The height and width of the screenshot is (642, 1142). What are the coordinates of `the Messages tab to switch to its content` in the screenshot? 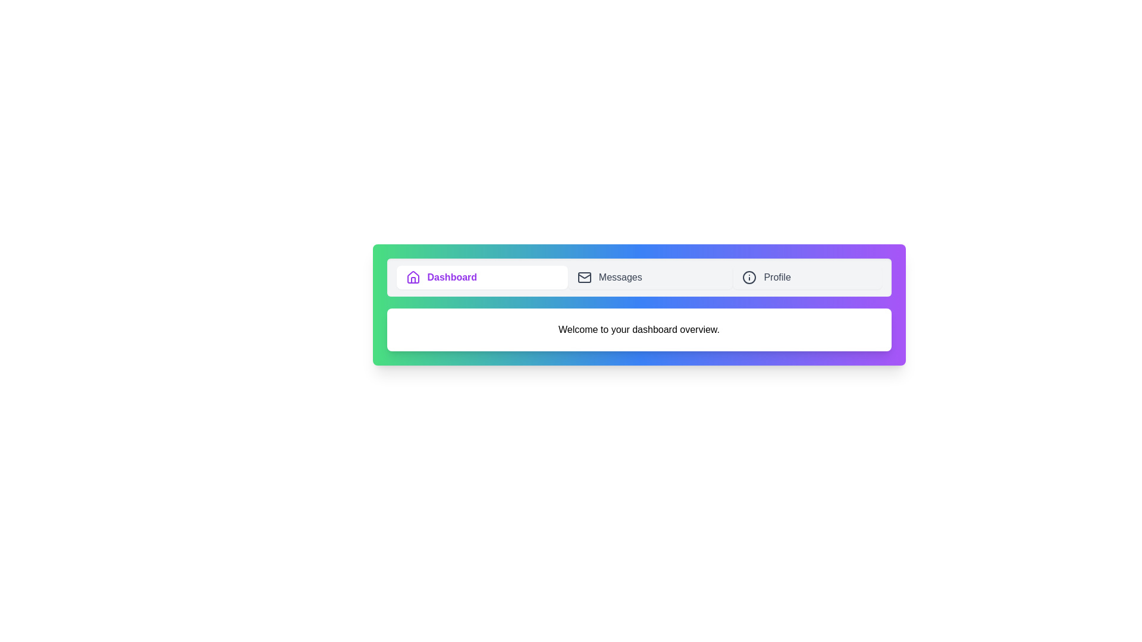 It's located at (650, 277).